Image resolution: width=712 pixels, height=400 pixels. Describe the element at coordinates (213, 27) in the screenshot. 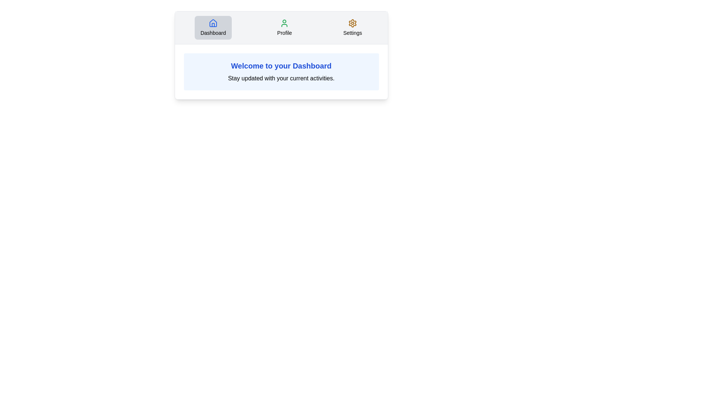

I see `the Dashboard tab to observe its hover effect` at that location.